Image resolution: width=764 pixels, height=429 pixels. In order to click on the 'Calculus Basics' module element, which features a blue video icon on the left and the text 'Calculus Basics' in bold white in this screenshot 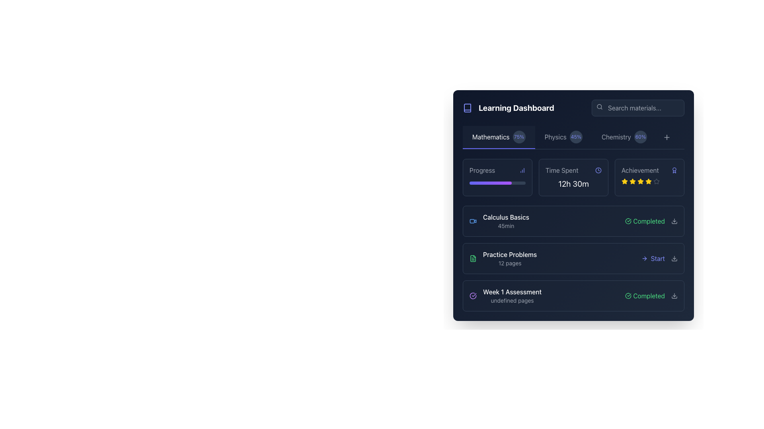, I will do `click(499, 221)`.